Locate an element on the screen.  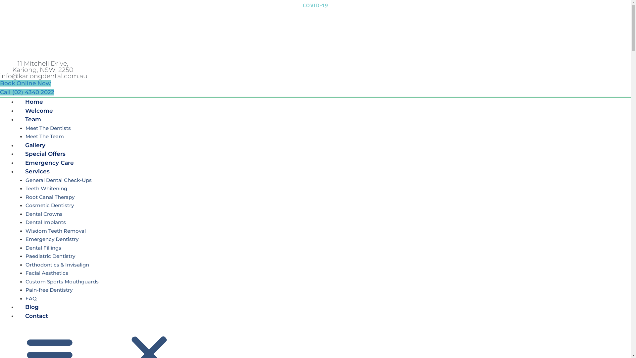
'FAQ' is located at coordinates (30, 298).